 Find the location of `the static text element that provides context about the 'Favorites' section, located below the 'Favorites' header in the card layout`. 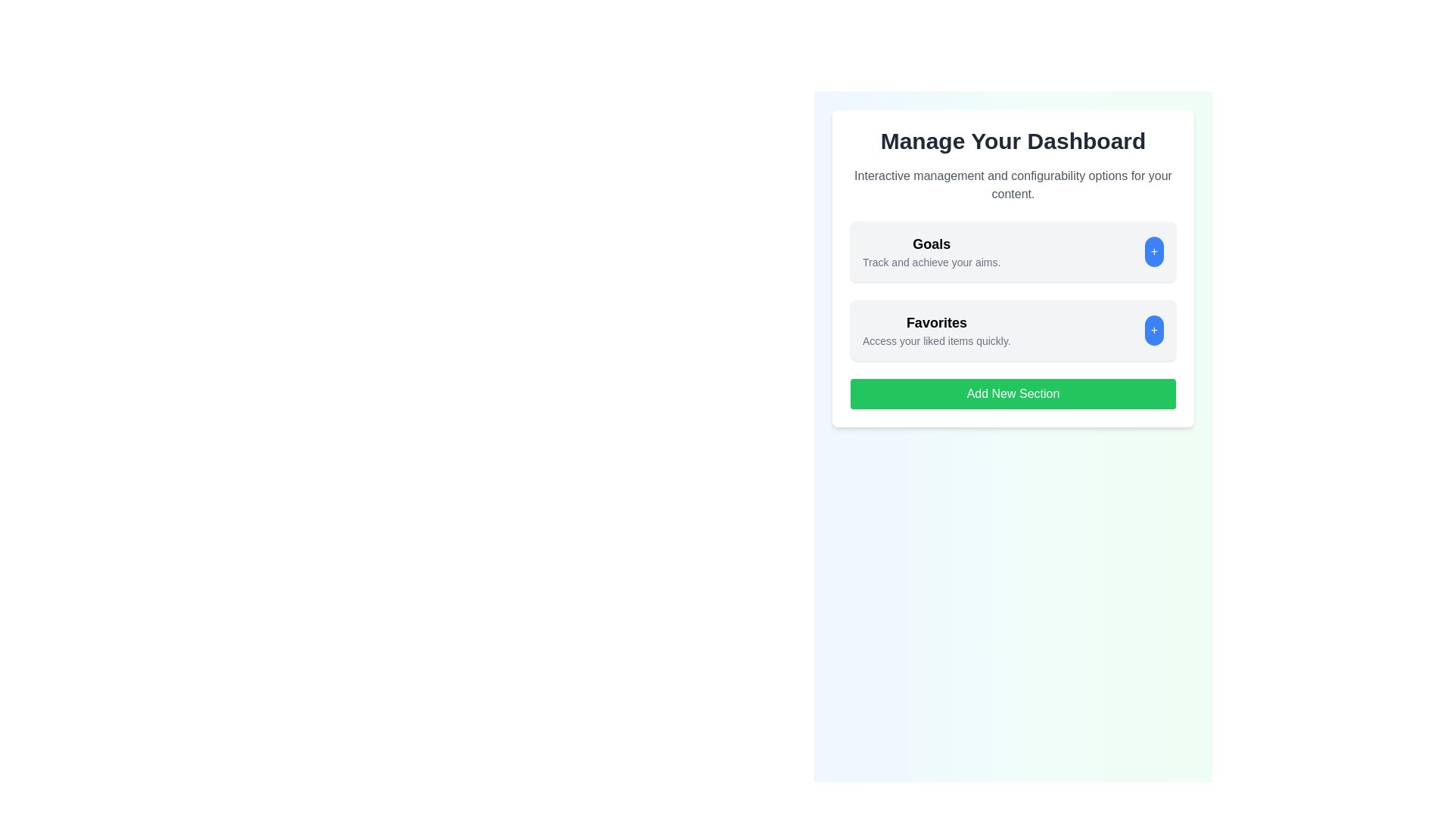

the static text element that provides context about the 'Favorites' section, located below the 'Favorites' header in the card layout is located at coordinates (935, 341).